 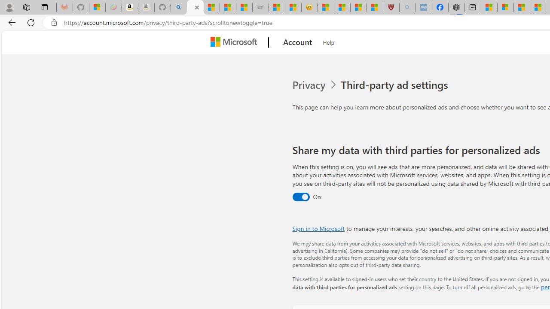 What do you see at coordinates (375, 7) in the screenshot?
I see `'12 Popular Science Lies that Must be Corrected'` at bounding box center [375, 7].